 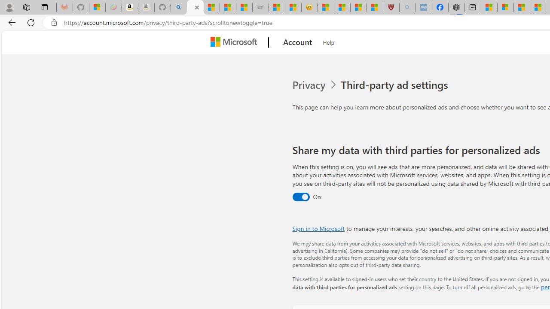 What do you see at coordinates (375, 7) in the screenshot?
I see `'12 Popular Science Lies that Must be Corrected'` at bounding box center [375, 7].